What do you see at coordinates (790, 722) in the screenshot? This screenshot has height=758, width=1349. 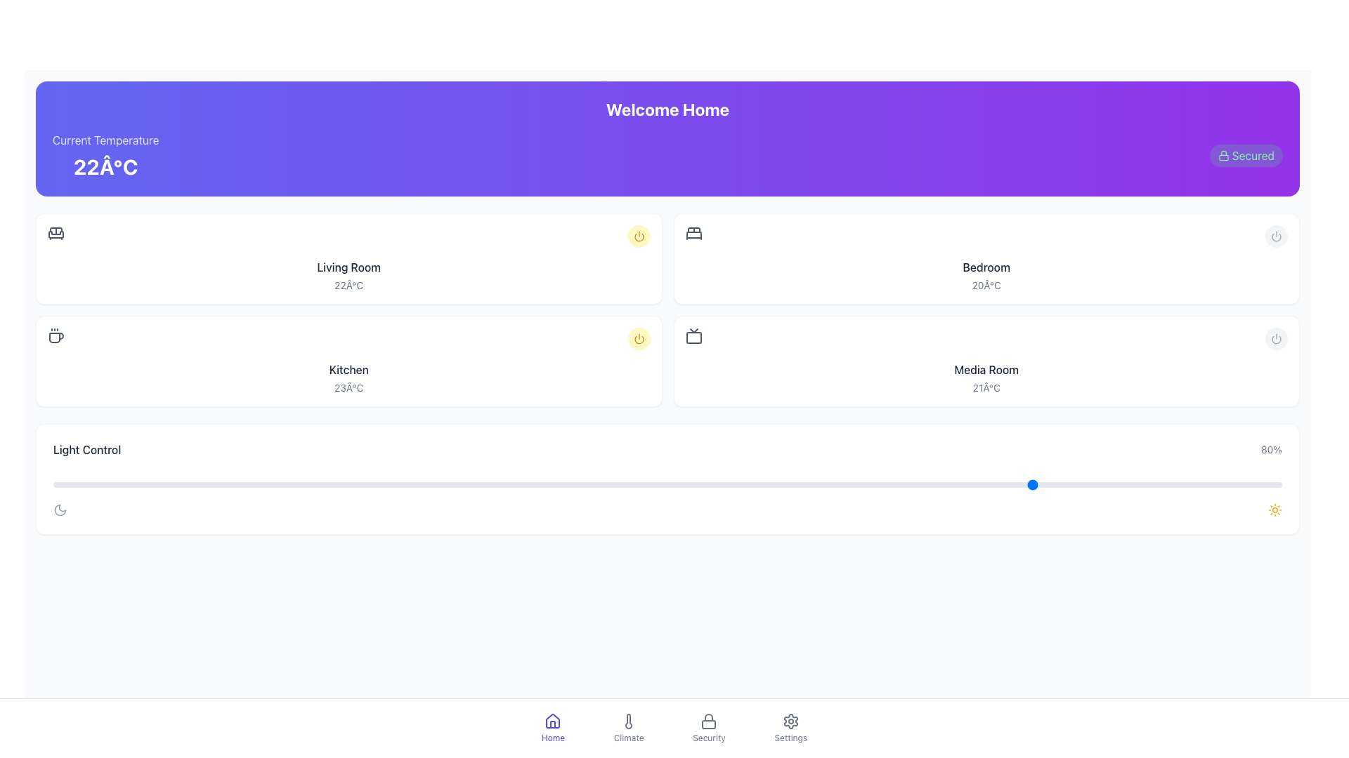 I see `the fourth icon from the left, which is a cogwheel in the bottom navigation bar` at bounding box center [790, 722].